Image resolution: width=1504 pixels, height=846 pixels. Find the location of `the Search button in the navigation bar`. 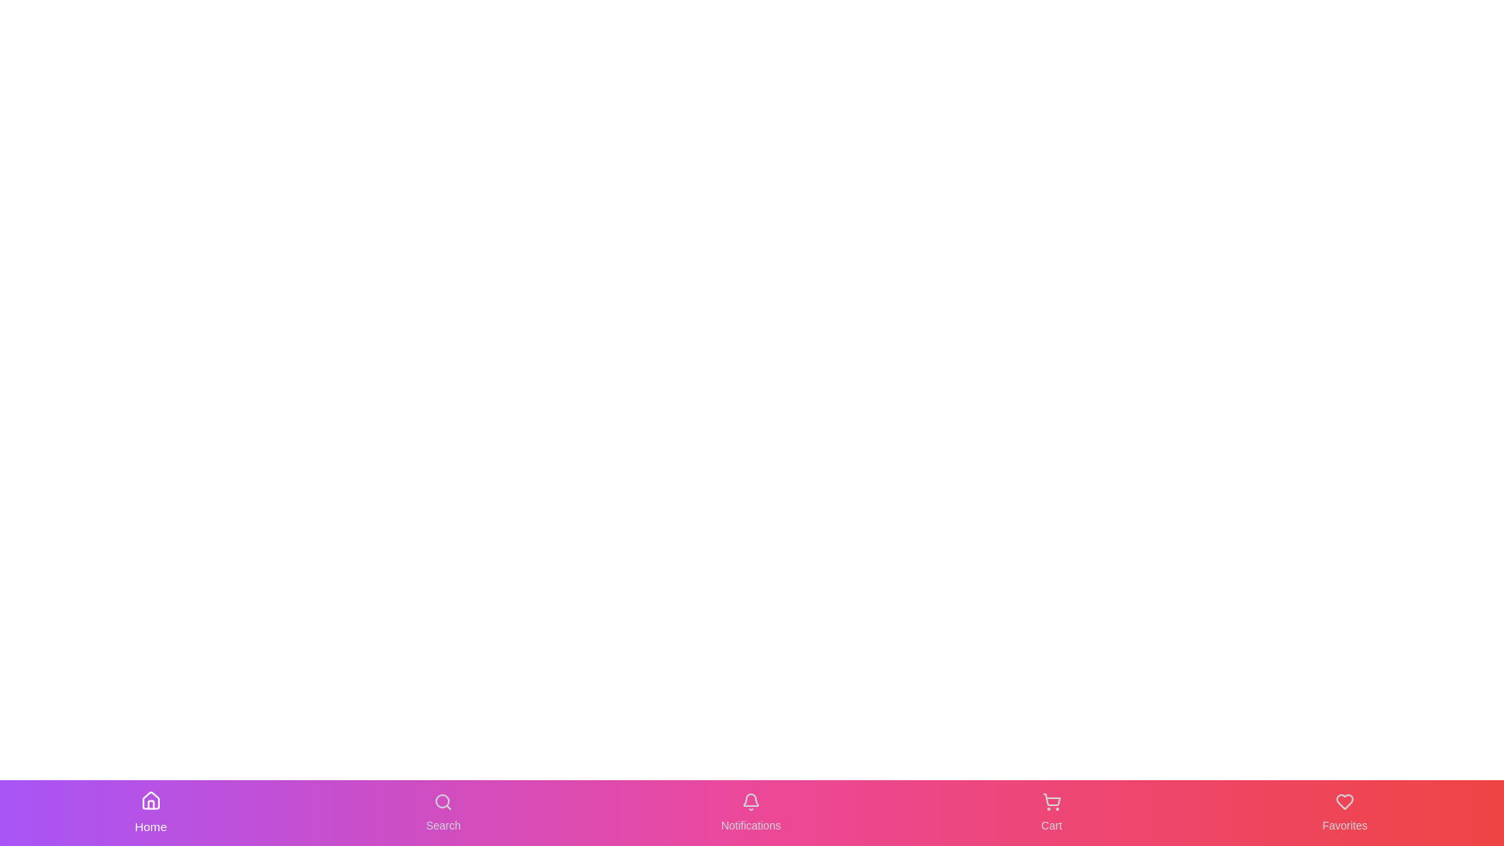

the Search button in the navigation bar is located at coordinates (443, 812).